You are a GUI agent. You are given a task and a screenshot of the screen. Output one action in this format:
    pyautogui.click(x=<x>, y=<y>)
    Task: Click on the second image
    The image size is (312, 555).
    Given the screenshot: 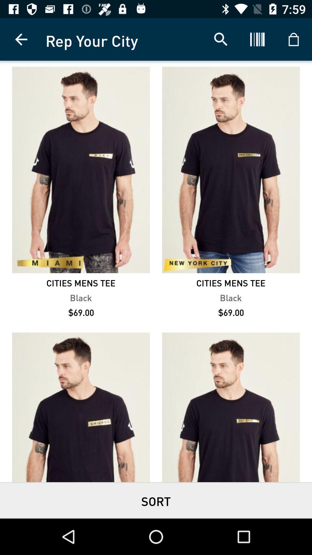 What is the action you would take?
    pyautogui.click(x=231, y=169)
    